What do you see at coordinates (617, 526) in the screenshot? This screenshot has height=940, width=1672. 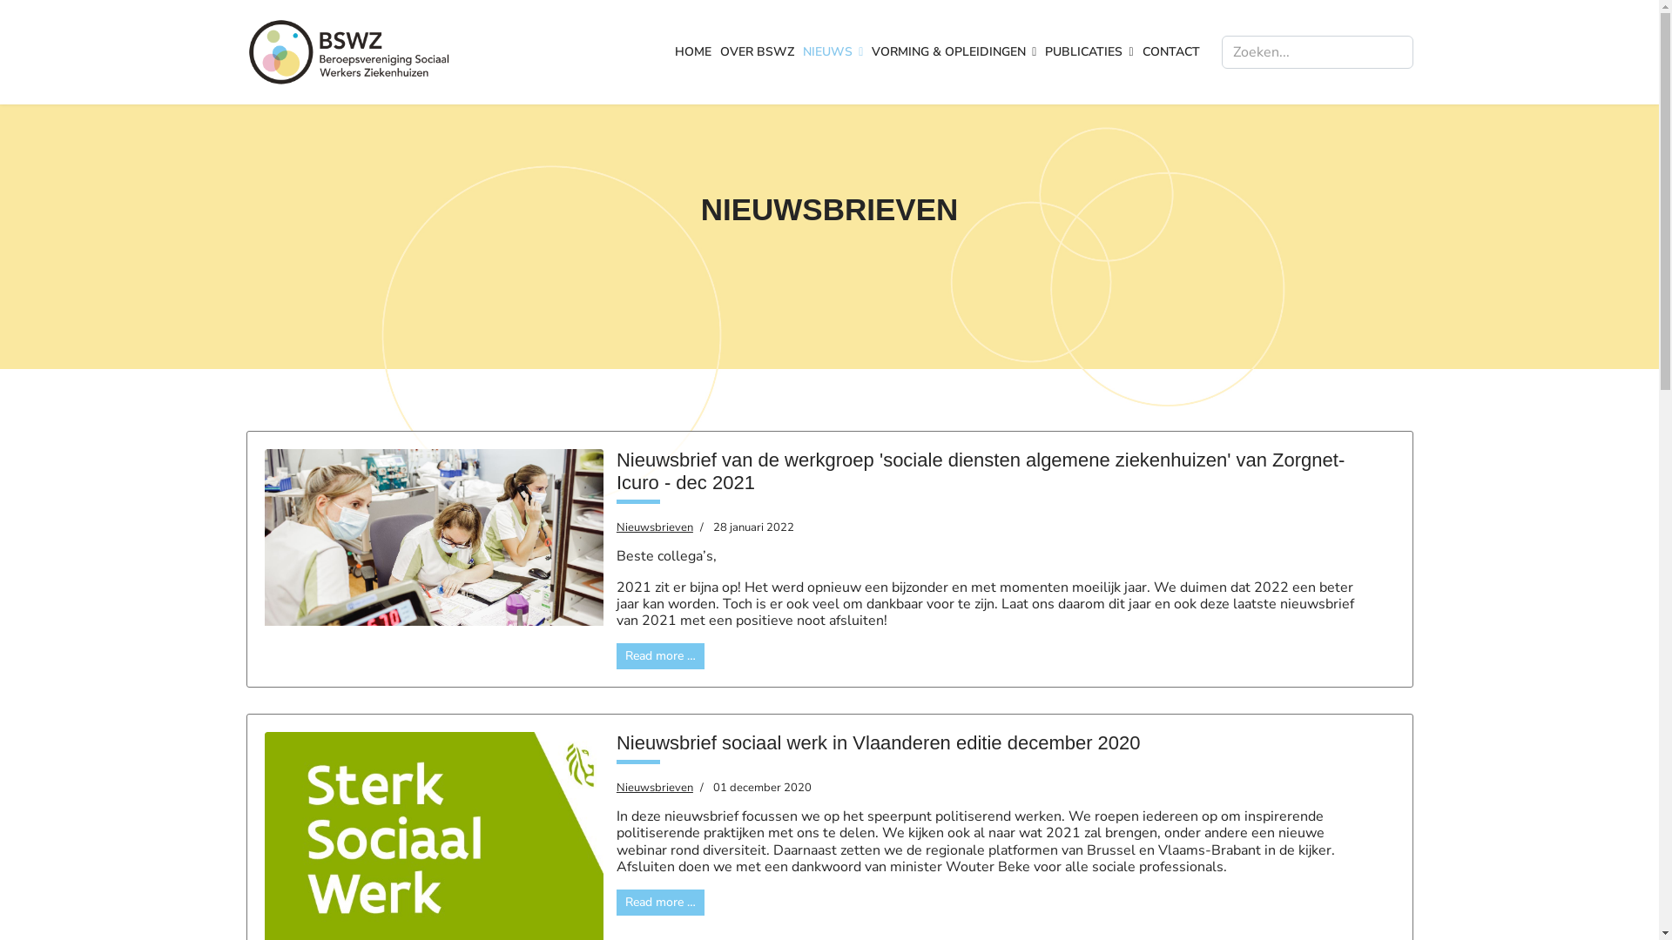 I see `'Nieuwsbrieven'` at bounding box center [617, 526].